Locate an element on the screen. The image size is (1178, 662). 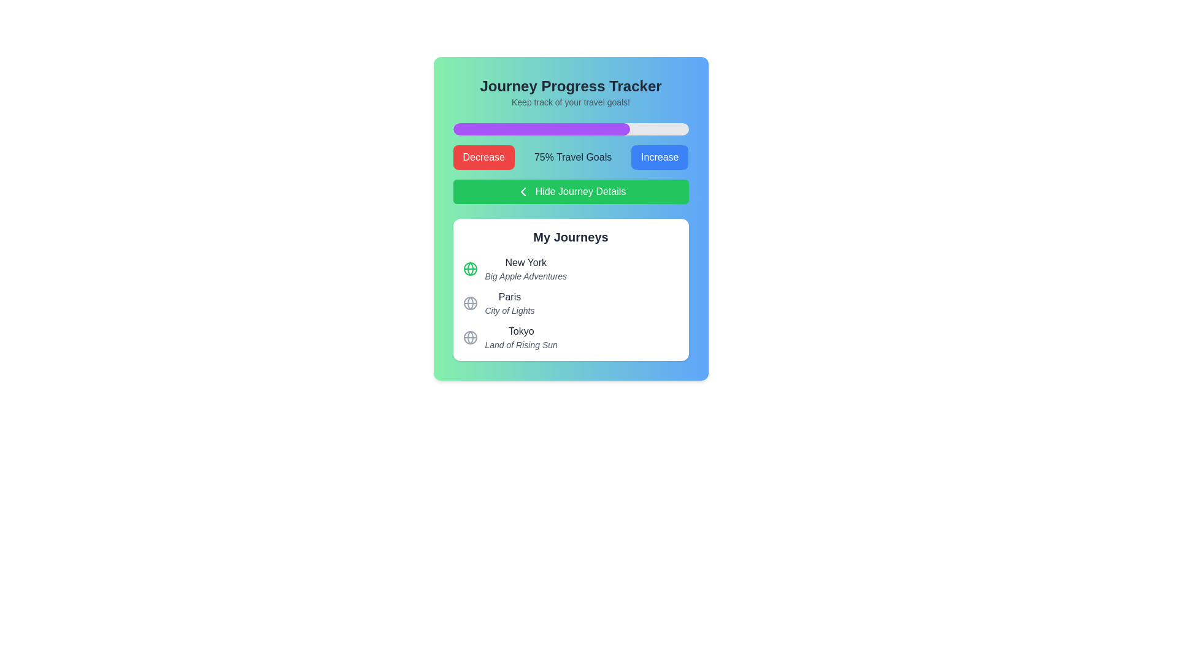
the static text 'Big Apple Adventures', which is positioned directly below the bold text 'New York' in the 'My Journeys' section is located at coordinates (526, 276).